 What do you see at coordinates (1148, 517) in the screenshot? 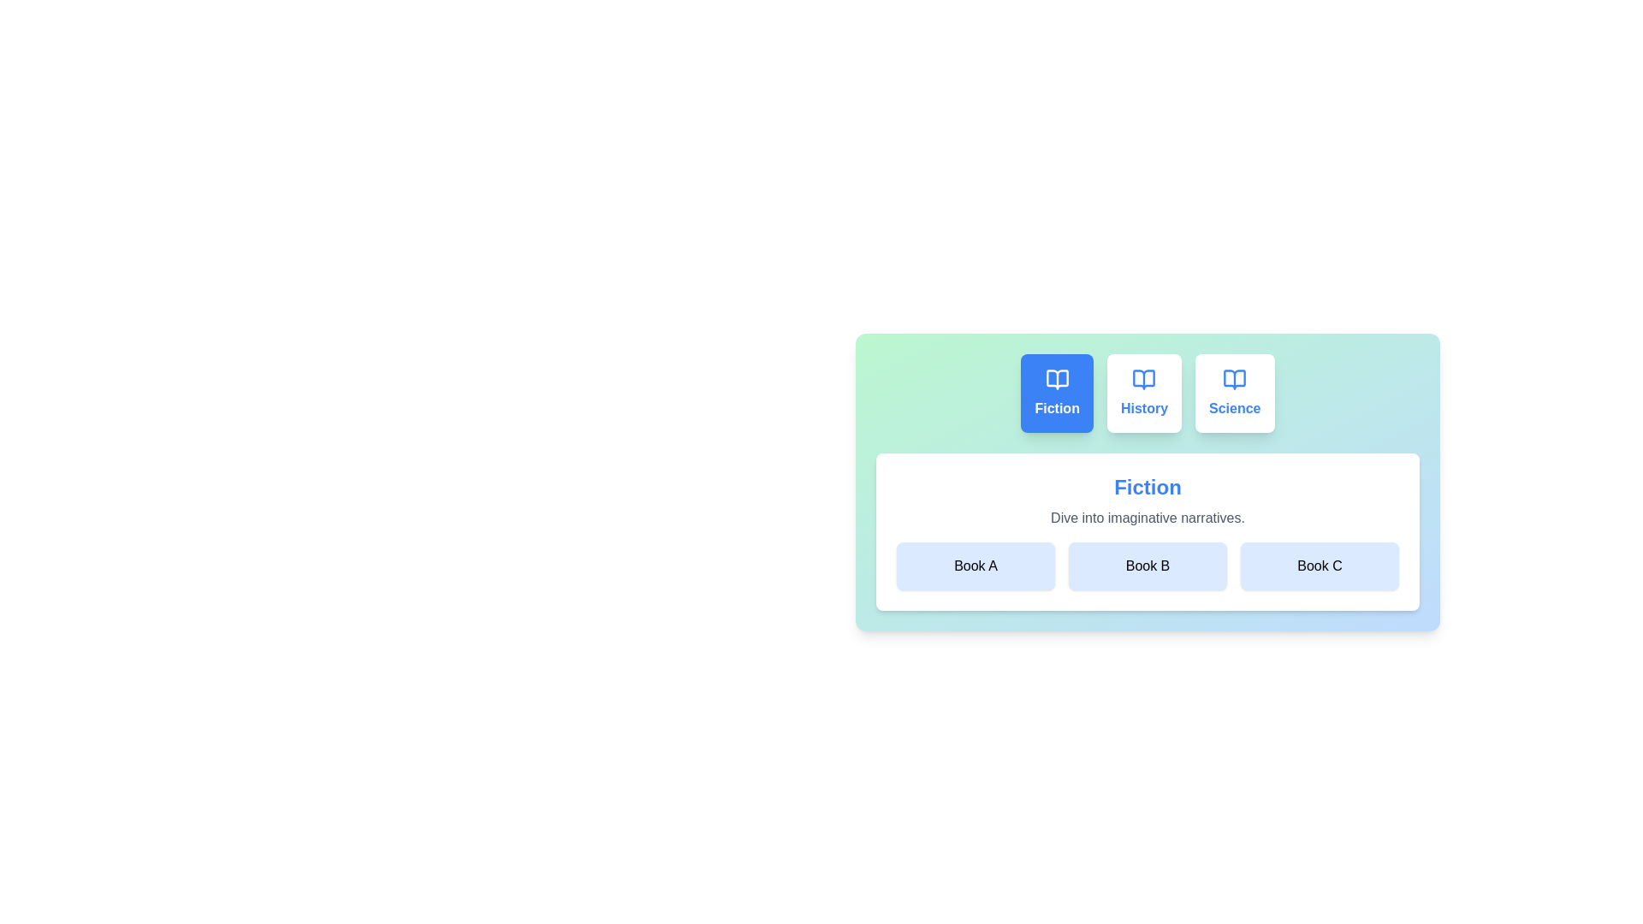
I see `the description text to select it` at bounding box center [1148, 517].